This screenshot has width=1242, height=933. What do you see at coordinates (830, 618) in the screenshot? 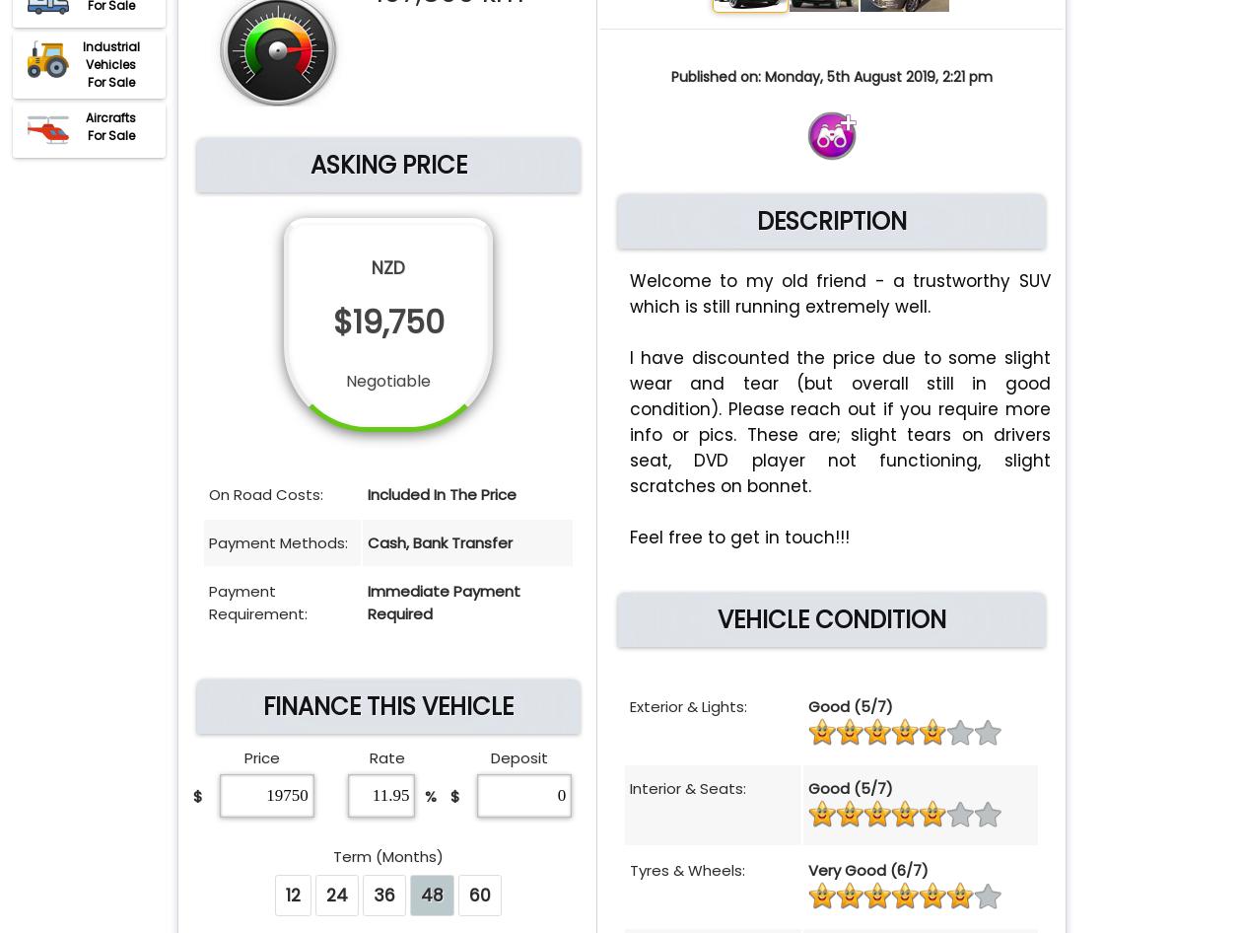
I see `'VEHICLE CONDITION'` at bounding box center [830, 618].